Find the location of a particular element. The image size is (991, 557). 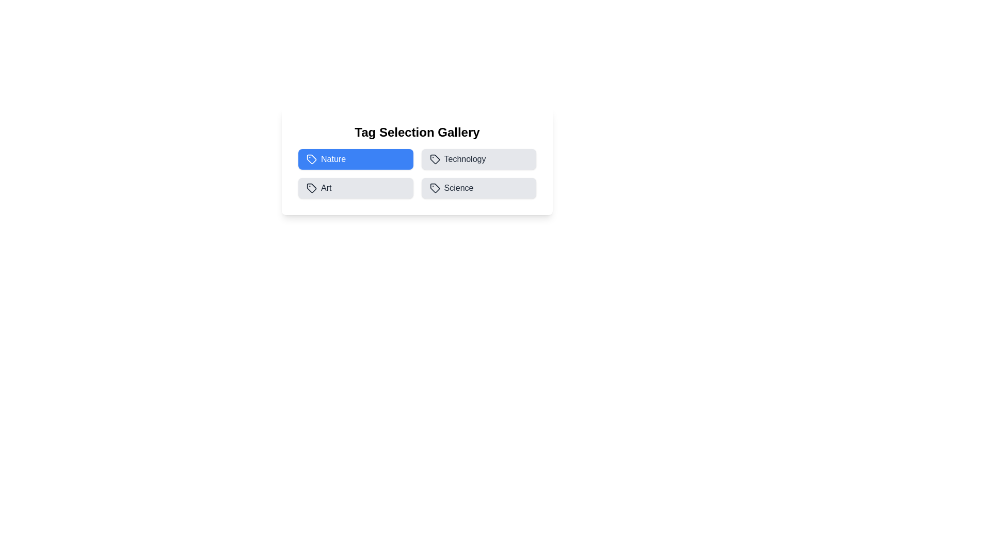

the Nature tag is located at coordinates (356, 159).